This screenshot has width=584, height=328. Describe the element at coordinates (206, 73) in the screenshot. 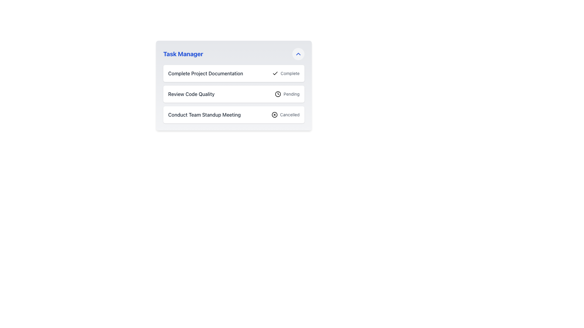

I see `the text label at the top-left section of the task entry card to enable interactions like copy` at that location.